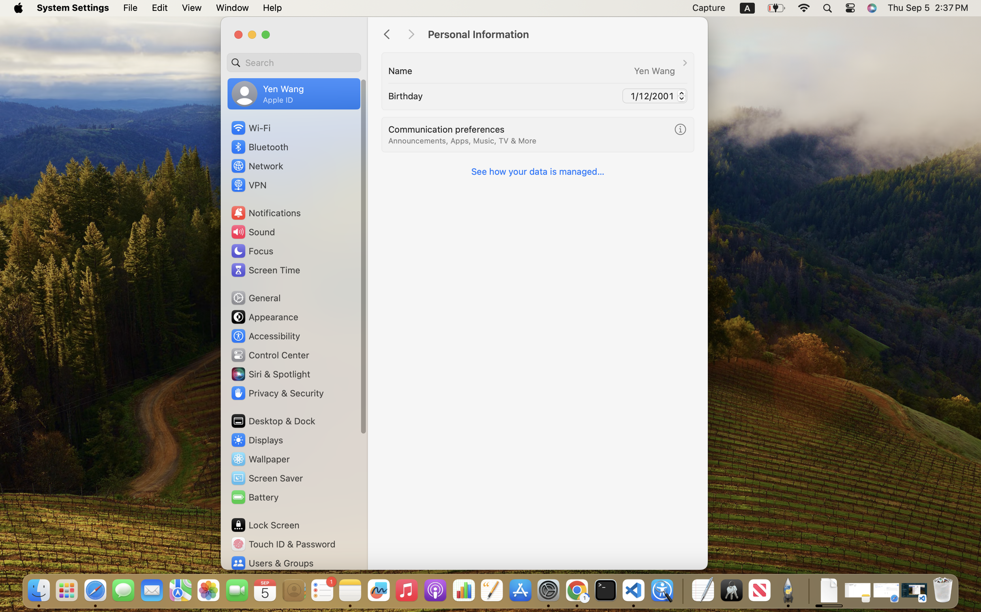 The height and width of the screenshot is (612, 981). Describe the element at coordinates (266, 269) in the screenshot. I see `'Screen Time'` at that location.